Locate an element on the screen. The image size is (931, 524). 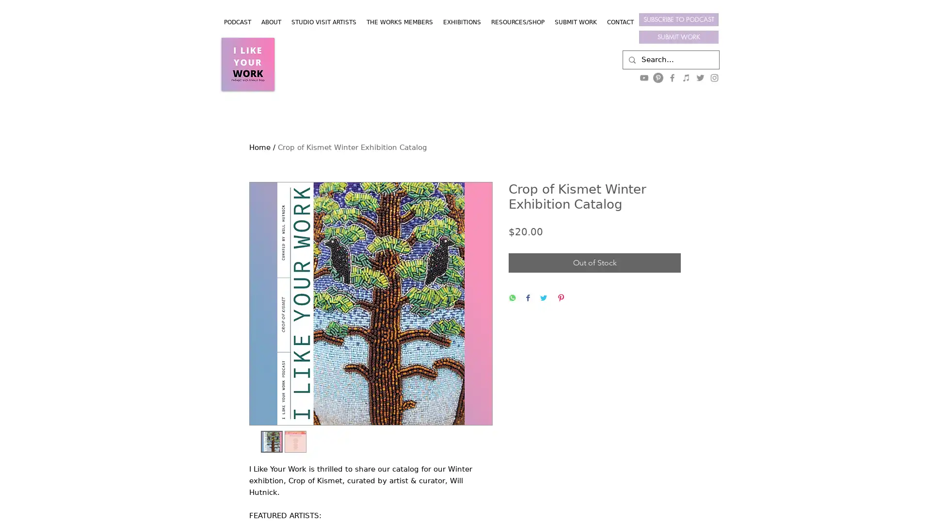
Share on WhatsApp is located at coordinates (512, 298).